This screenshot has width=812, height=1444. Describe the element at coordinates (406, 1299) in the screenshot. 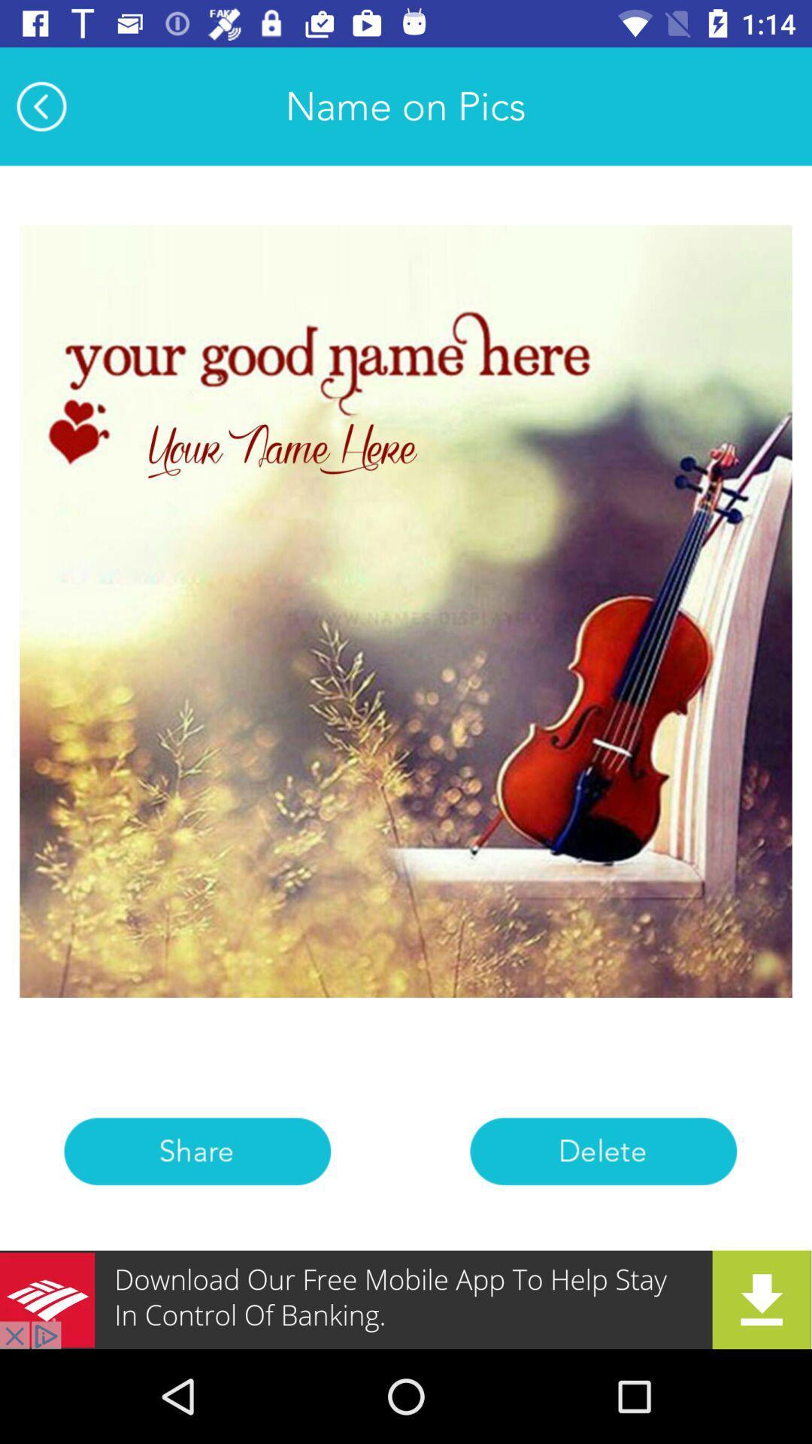

I see `advertisement botton` at that location.